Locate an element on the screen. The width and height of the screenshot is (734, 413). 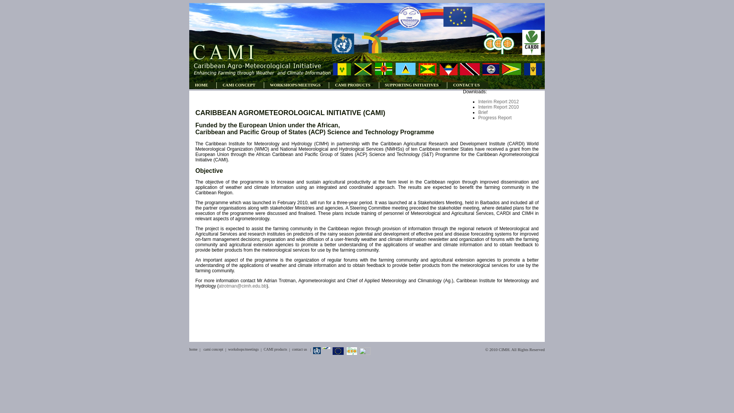
'Progress Report' is located at coordinates (495, 118).